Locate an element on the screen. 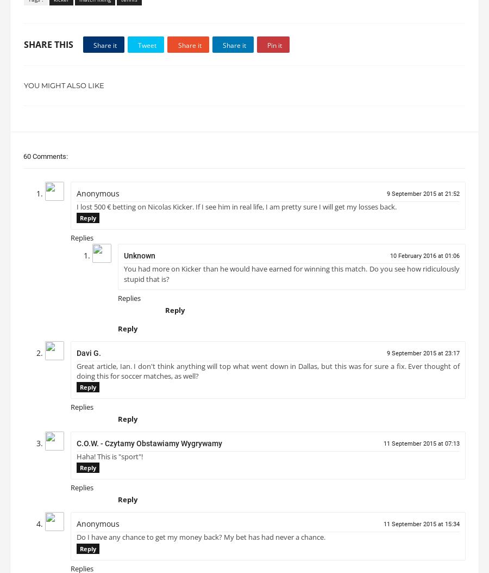 The height and width of the screenshot is (573, 489). 'kicker' is located at coordinates (61, 3).